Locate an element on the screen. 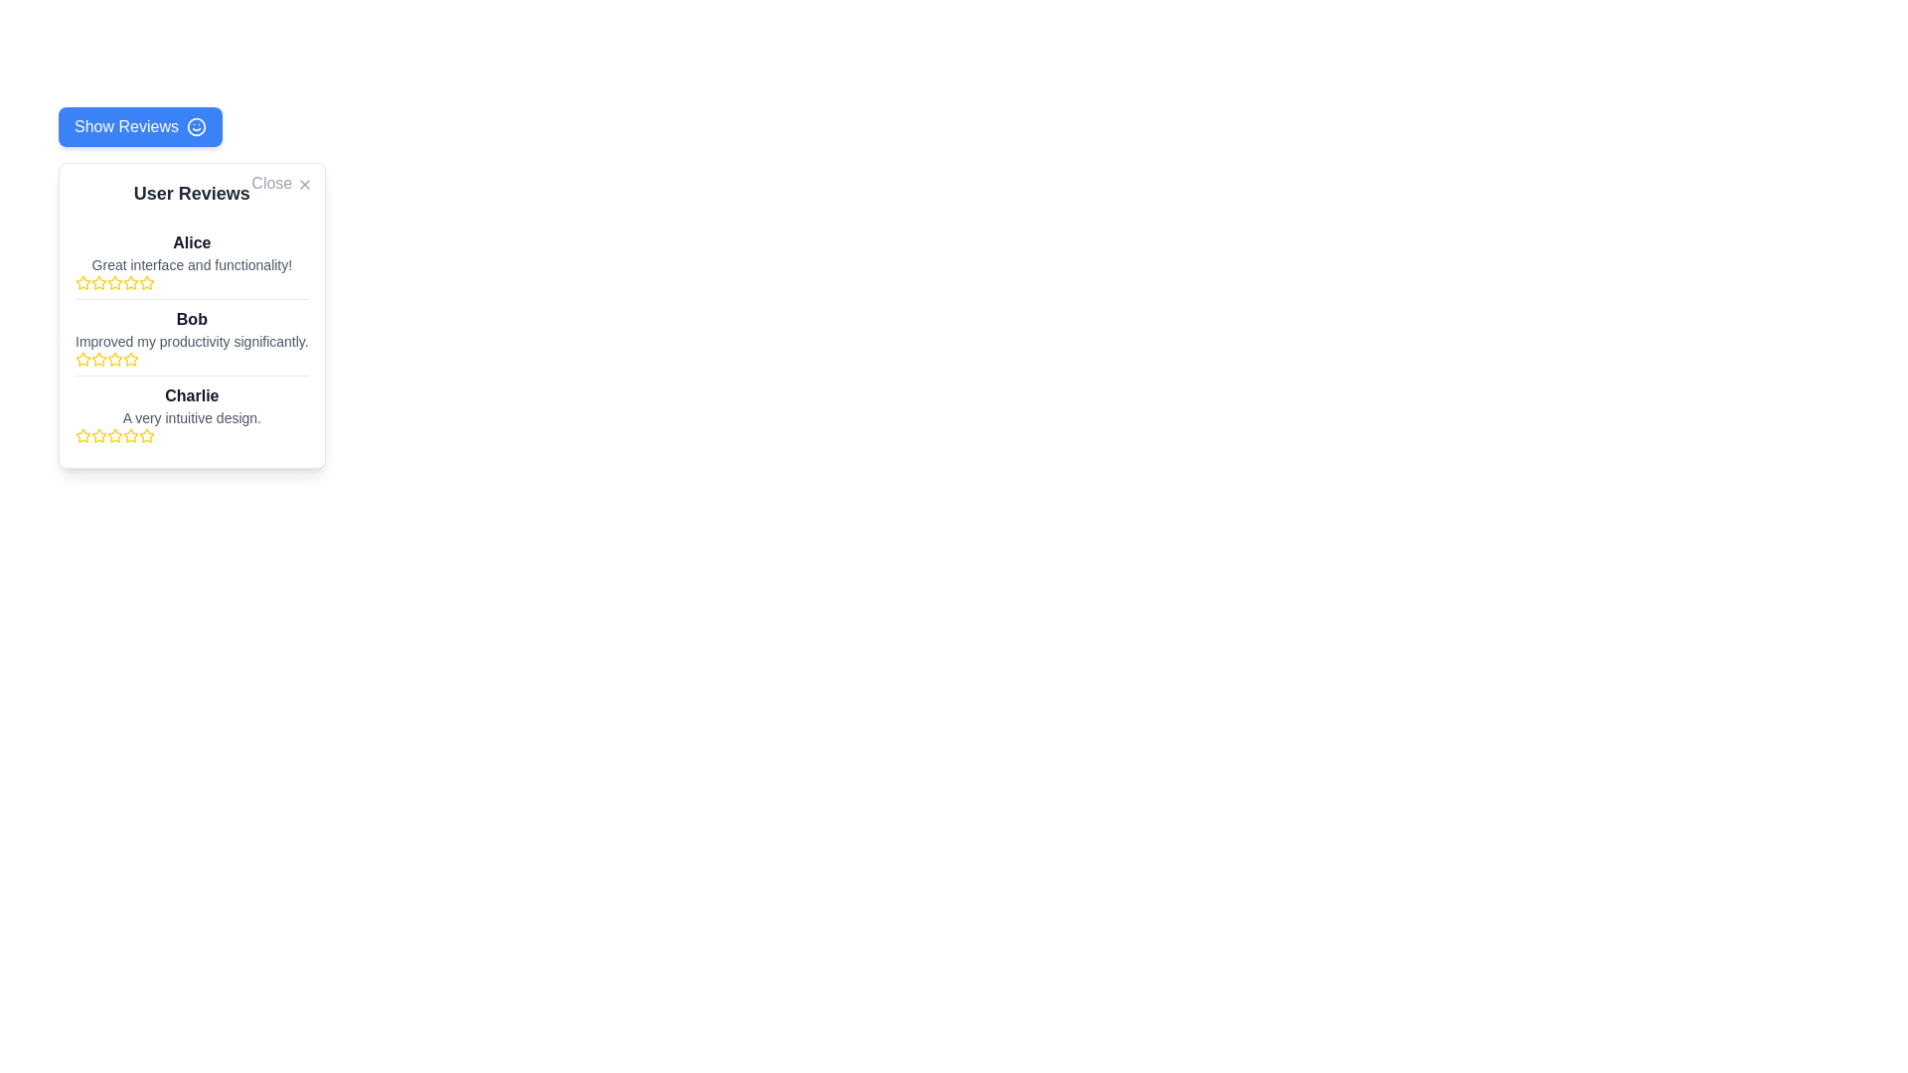 This screenshot has width=1908, height=1073. the fourth star icon in the 5-star rating system within the review section for the user named 'Charlie' is located at coordinates (130, 434).